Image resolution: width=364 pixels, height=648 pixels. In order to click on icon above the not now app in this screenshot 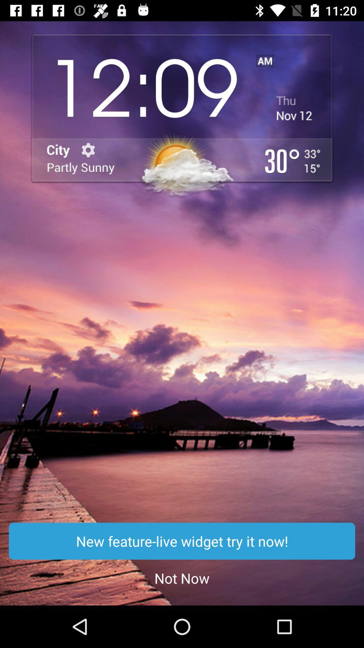, I will do `click(182, 541)`.